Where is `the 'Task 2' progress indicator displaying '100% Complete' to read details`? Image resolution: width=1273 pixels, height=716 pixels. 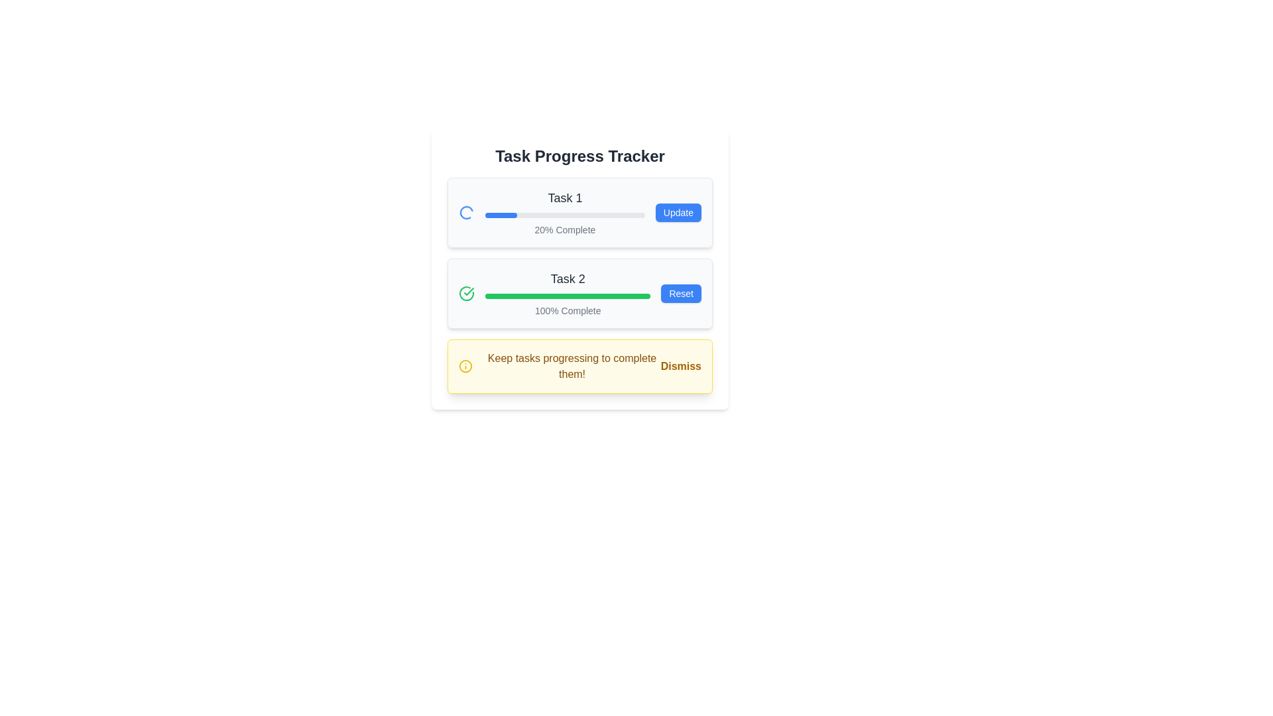 the 'Task 2' progress indicator displaying '100% Complete' to read details is located at coordinates (568, 293).